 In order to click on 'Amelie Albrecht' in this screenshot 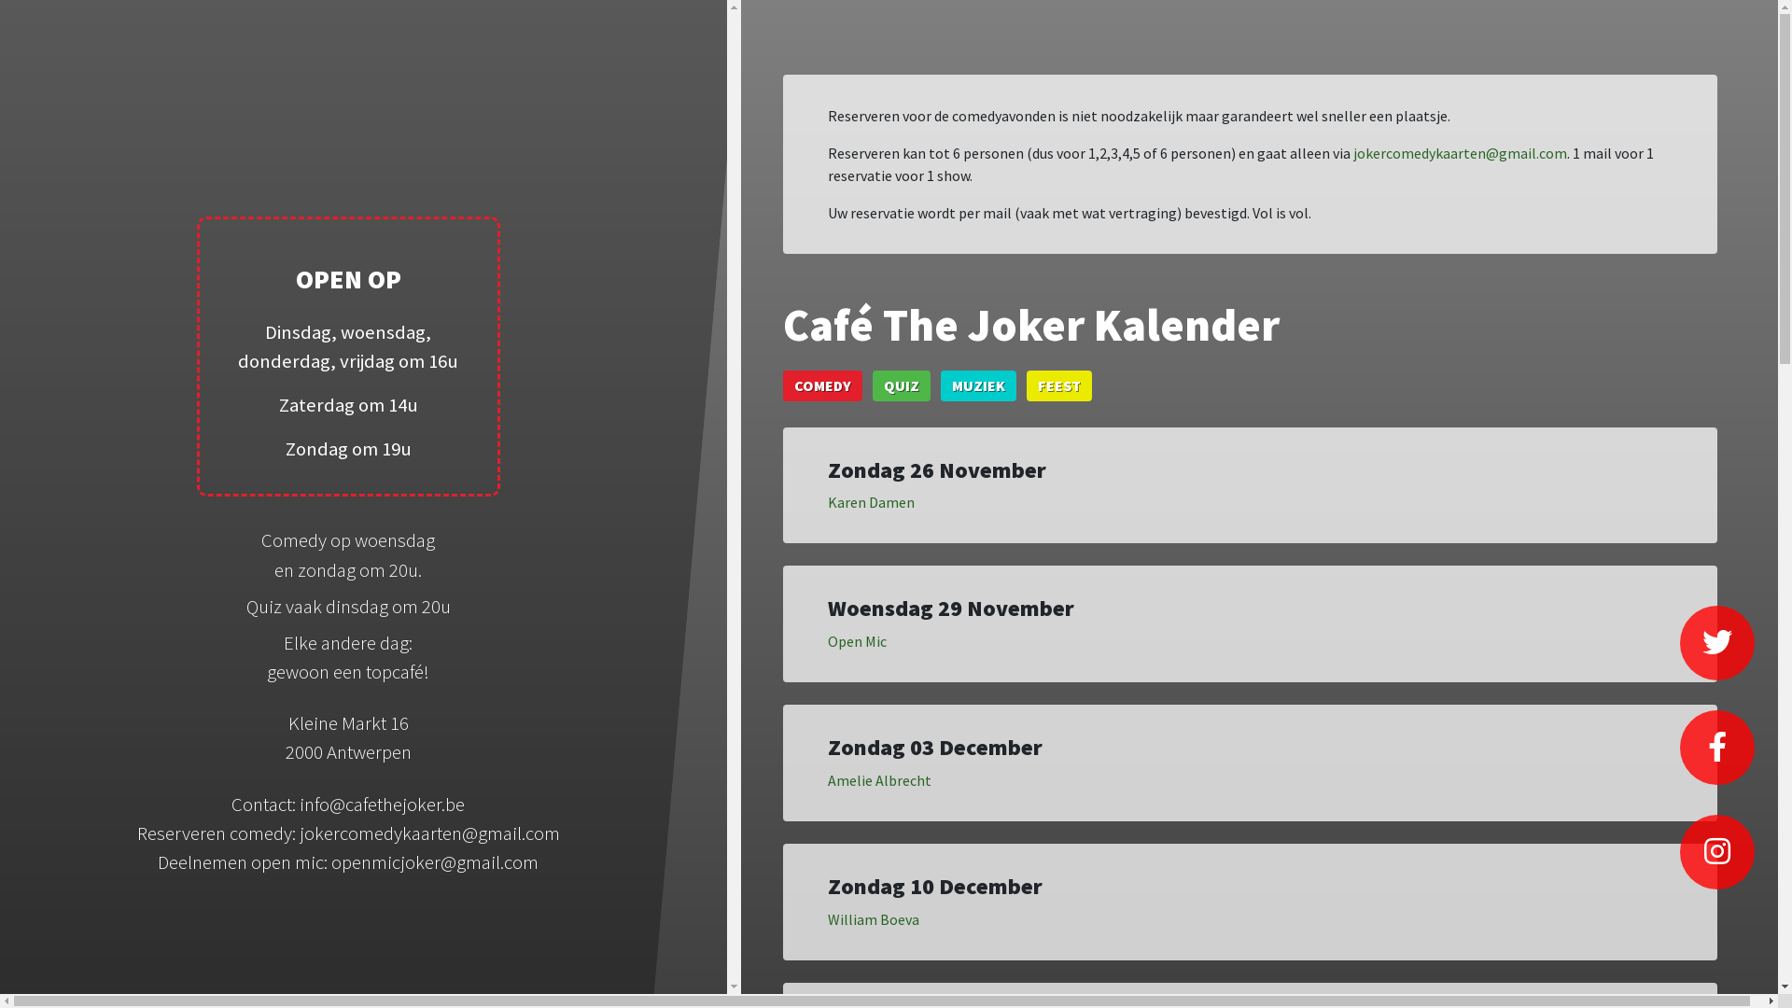, I will do `click(878, 780)`.